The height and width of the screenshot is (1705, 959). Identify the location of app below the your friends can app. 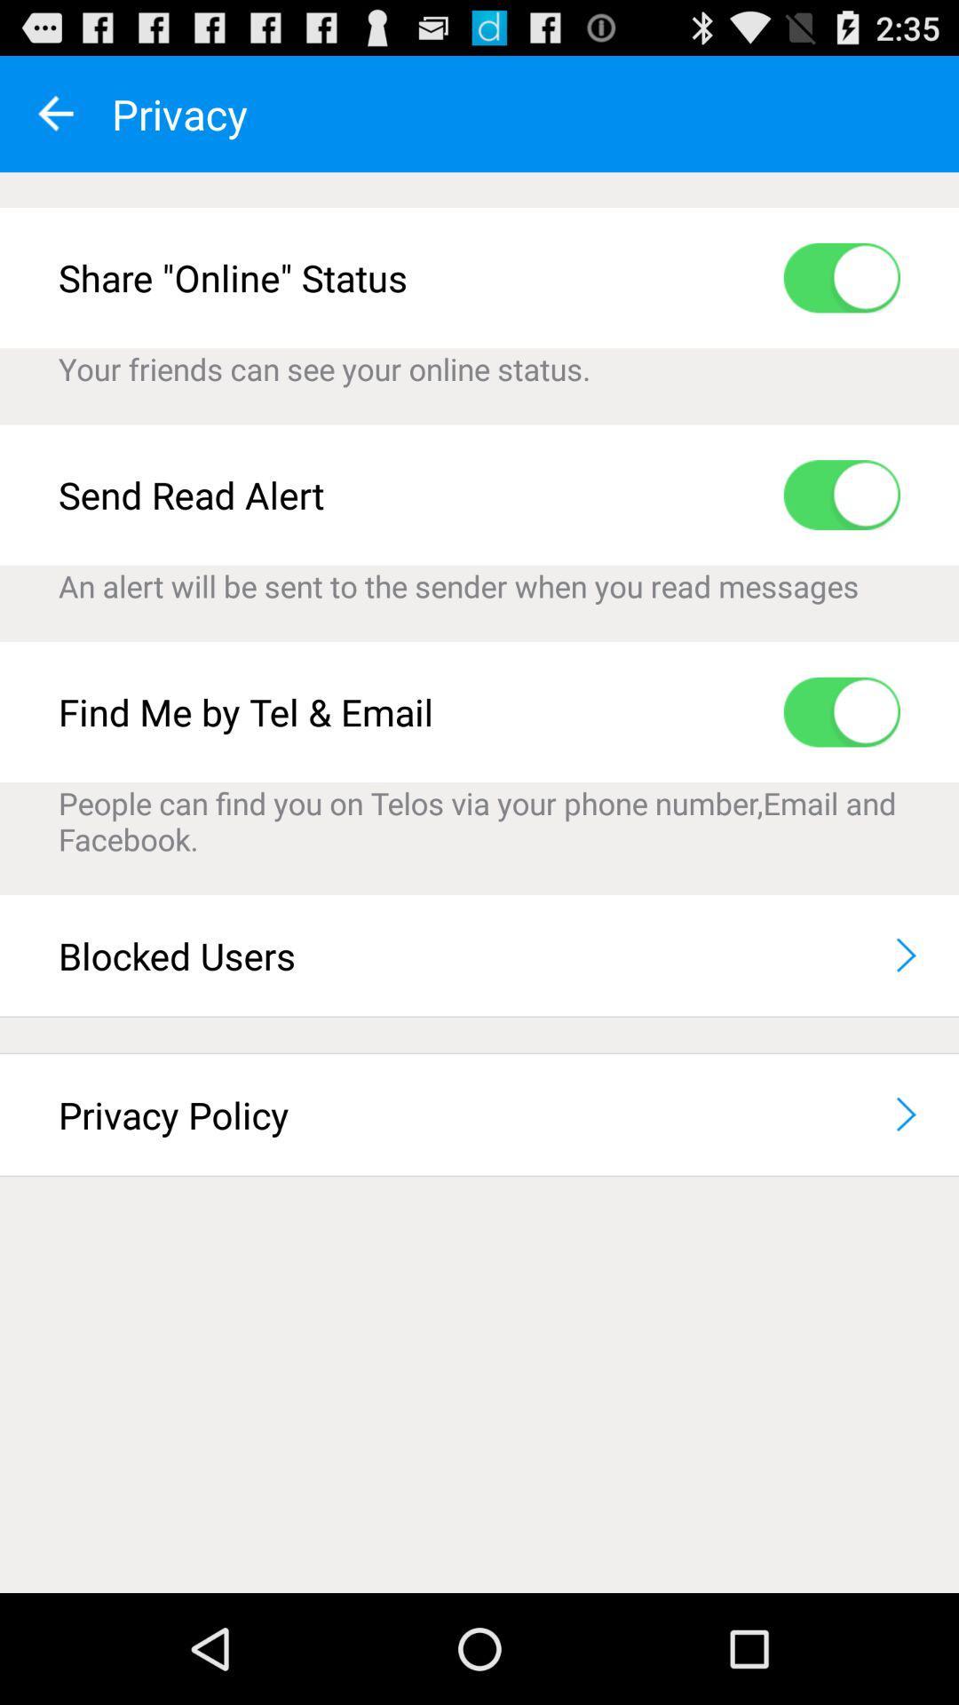
(841, 495).